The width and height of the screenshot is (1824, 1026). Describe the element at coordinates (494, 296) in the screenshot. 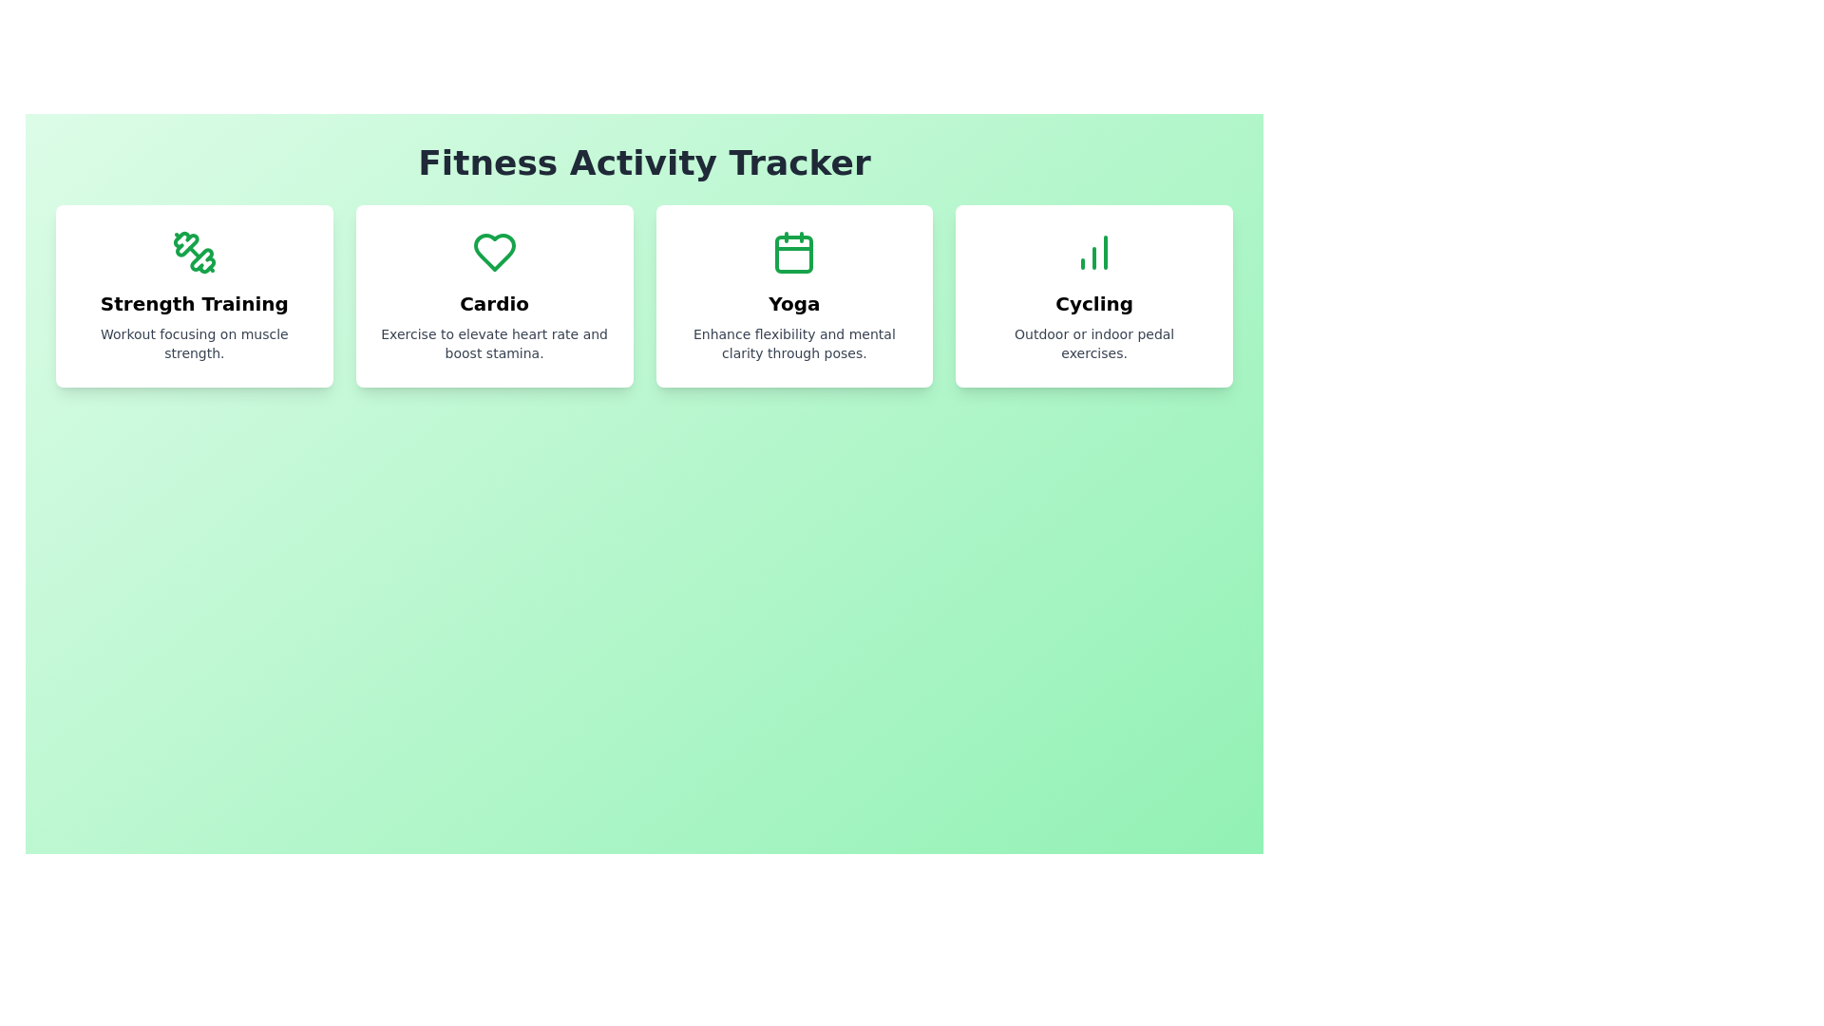

I see `the 'Cardio' card` at that location.